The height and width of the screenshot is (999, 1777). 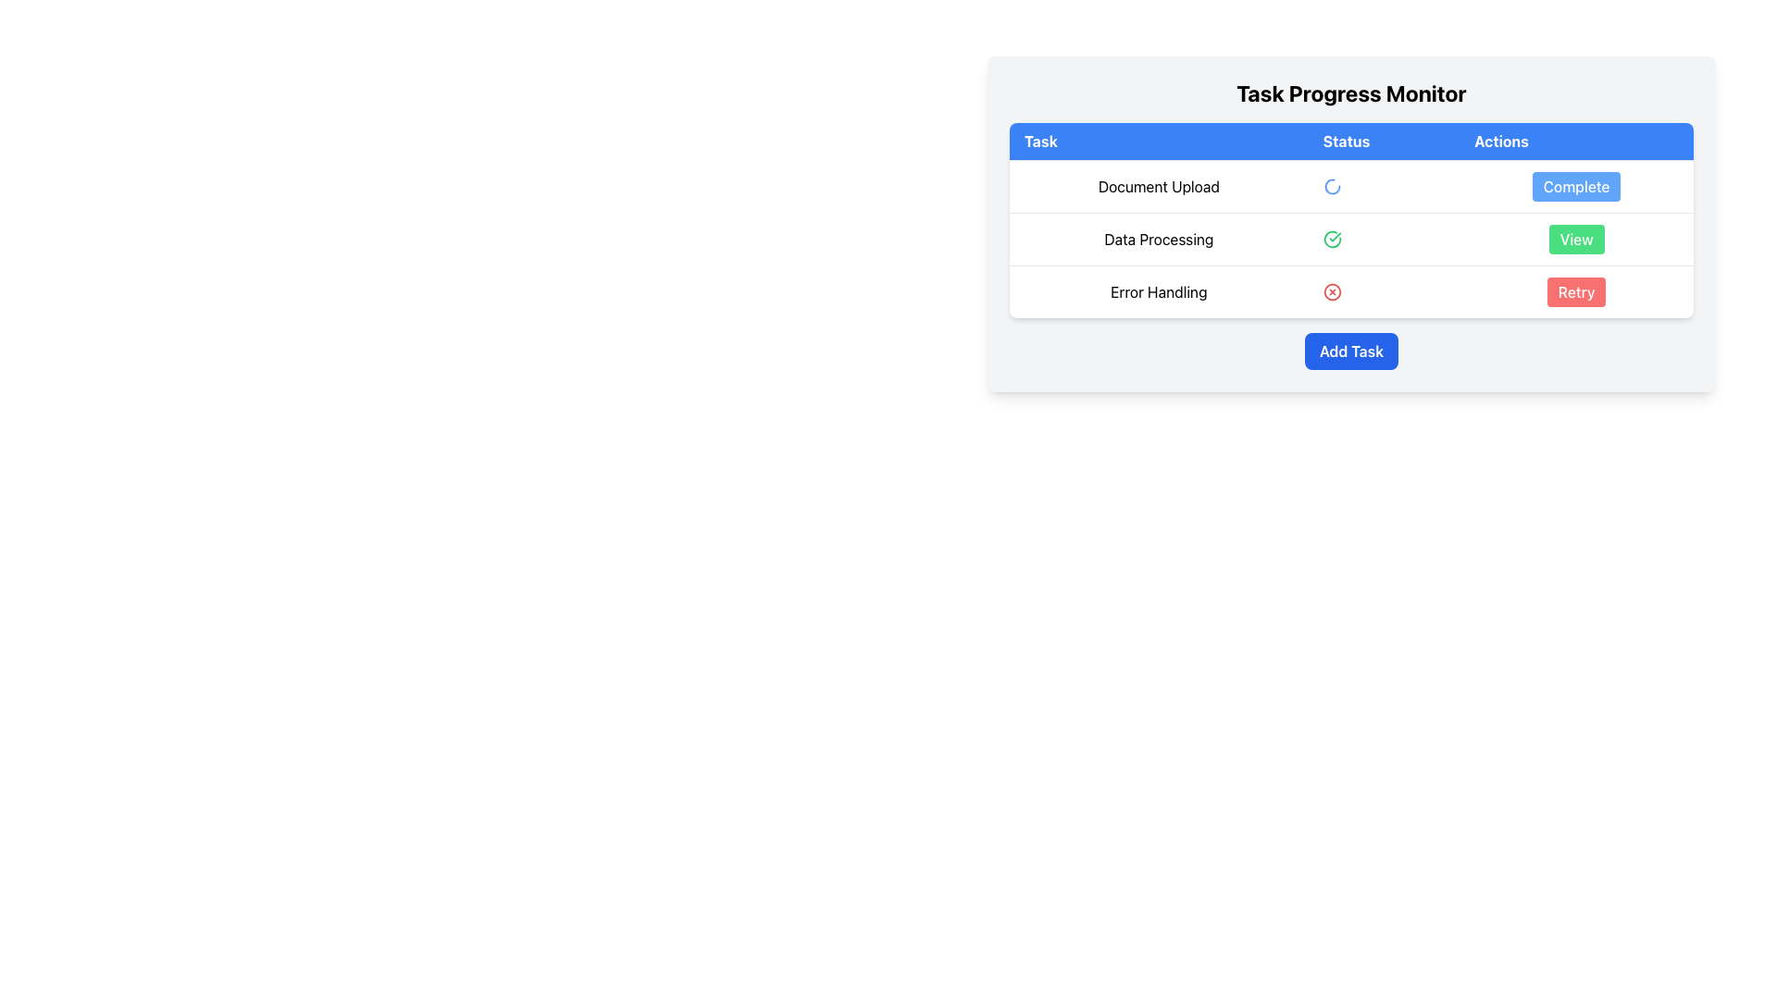 I want to click on the 'Add Task' button located below the task list in the 'Task Progress Monitor', so click(x=1351, y=351).